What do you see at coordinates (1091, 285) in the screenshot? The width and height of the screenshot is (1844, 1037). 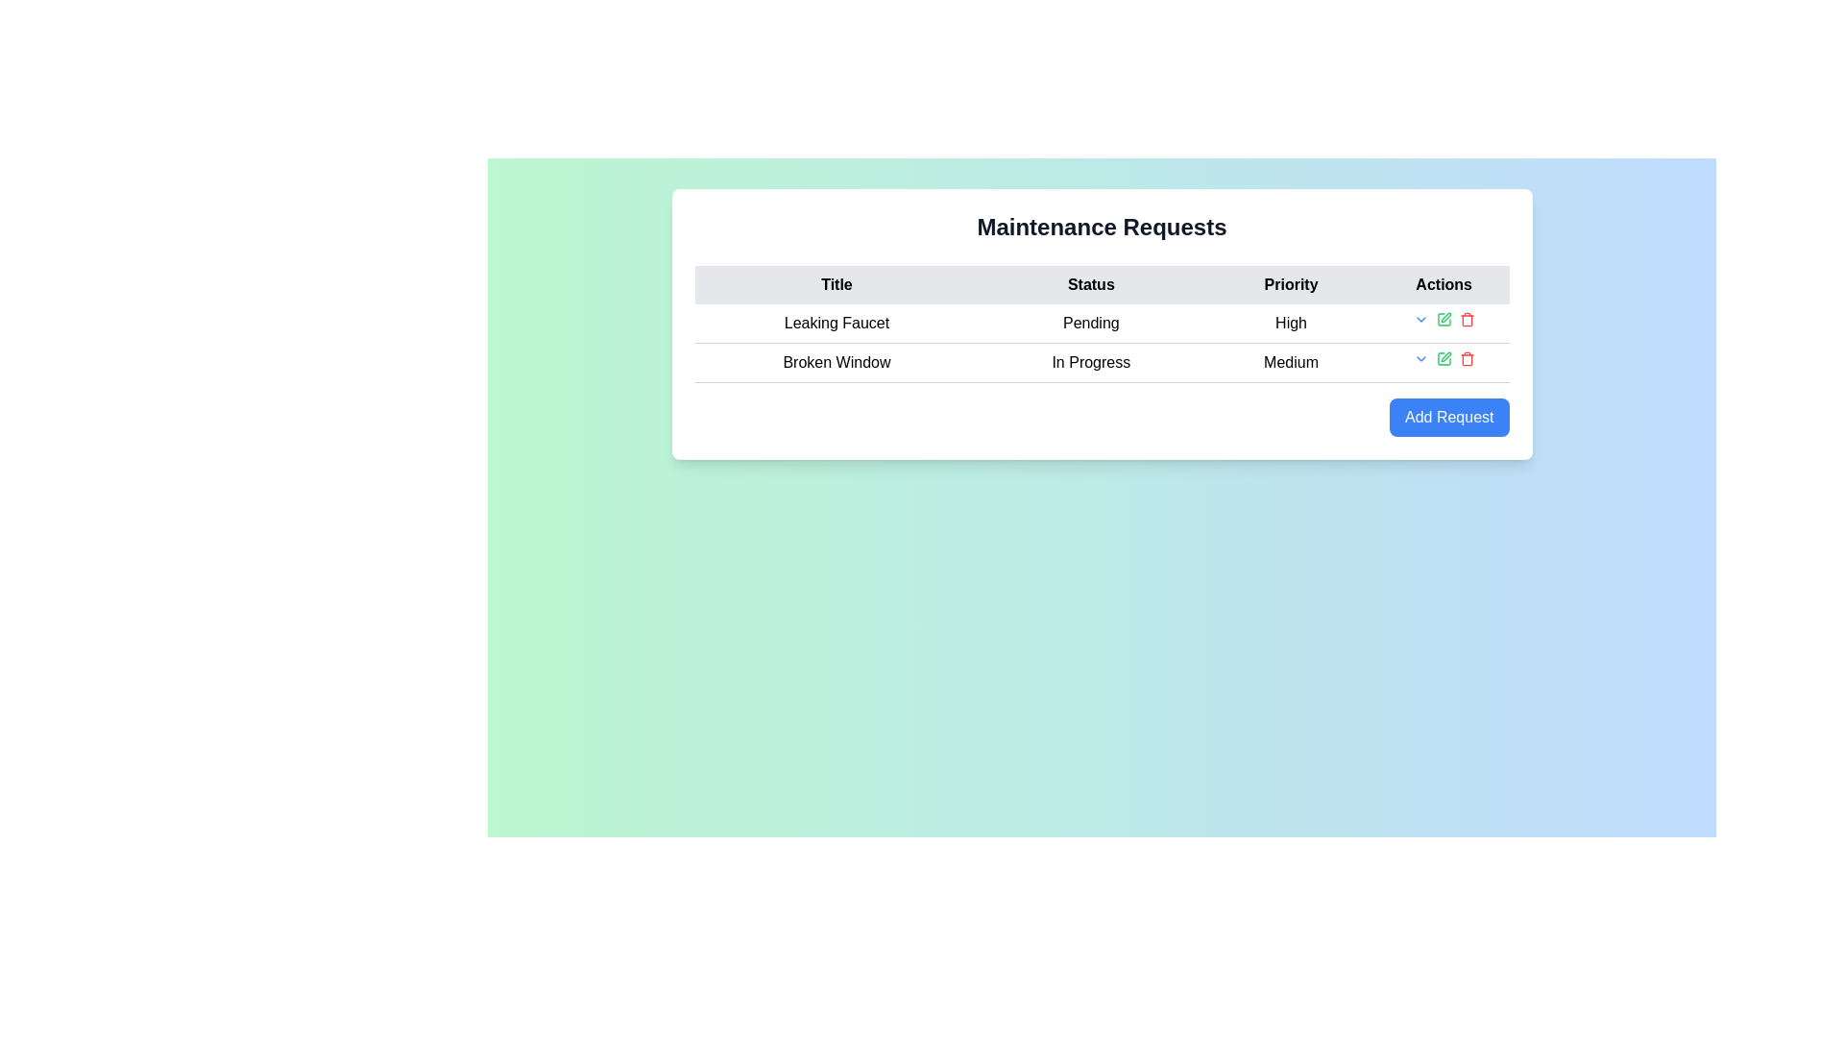 I see `the 'Status' column header in the Maintenance Requests table, which is located between the 'Title' and 'Priority' headers` at bounding box center [1091, 285].